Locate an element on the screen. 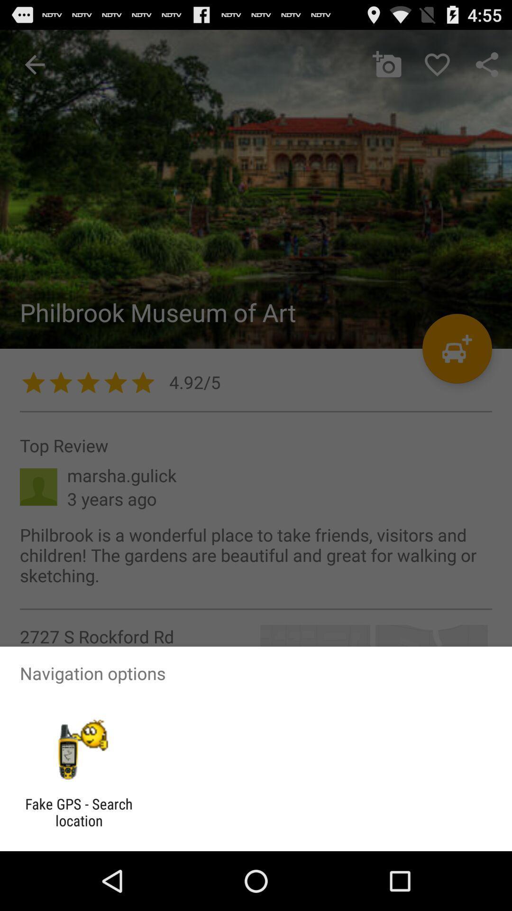 The height and width of the screenshot is (911, 512). item below navigation options item is located at coordinates (78, 749).